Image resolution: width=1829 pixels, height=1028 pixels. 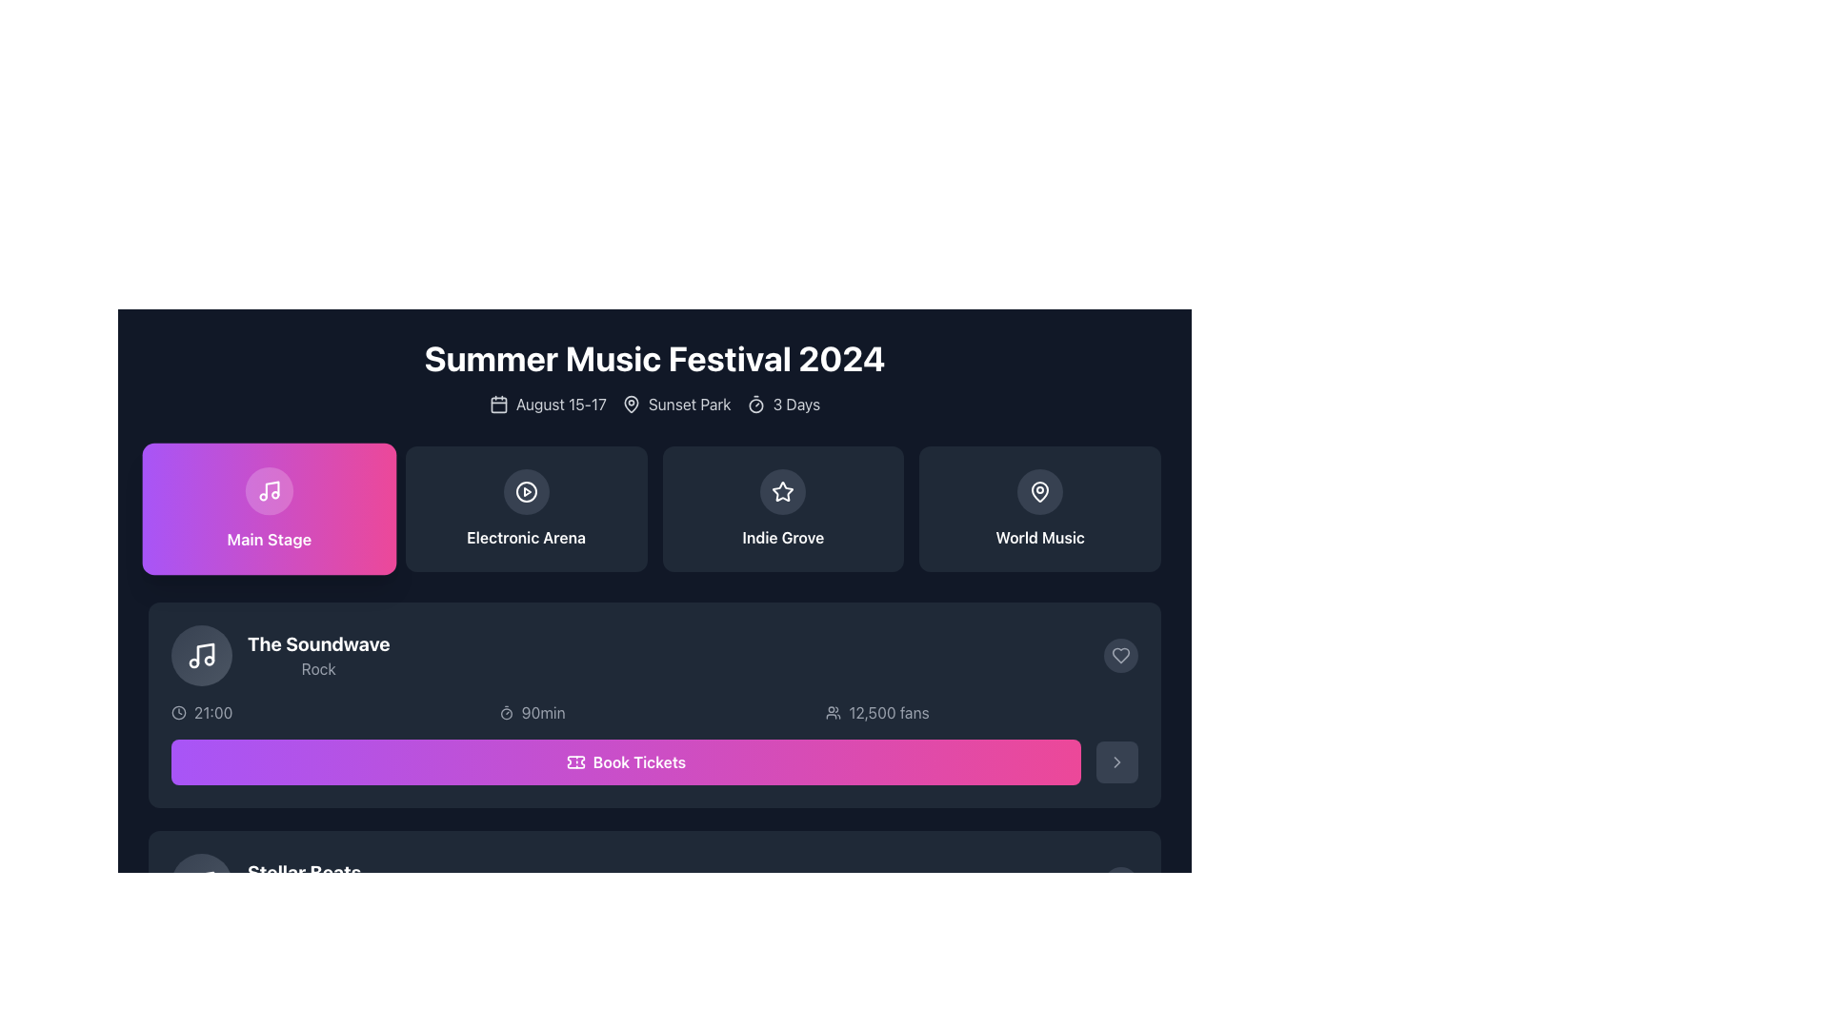 I want to click on the outer circle of the 'Play' button icon in the 'Electronic Arena' section, located below the title 'Summer Music Festival 2024', so click(x=526, y=490).